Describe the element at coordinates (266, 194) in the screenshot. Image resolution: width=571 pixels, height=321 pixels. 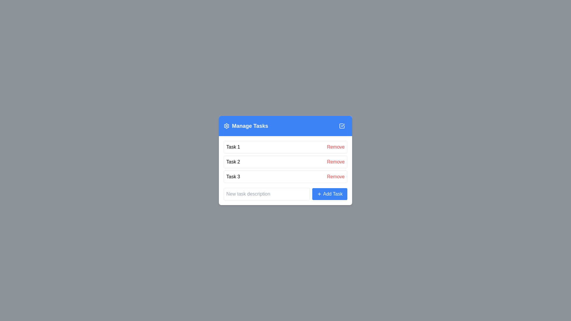
I see `the task input field to focus it` at that location.